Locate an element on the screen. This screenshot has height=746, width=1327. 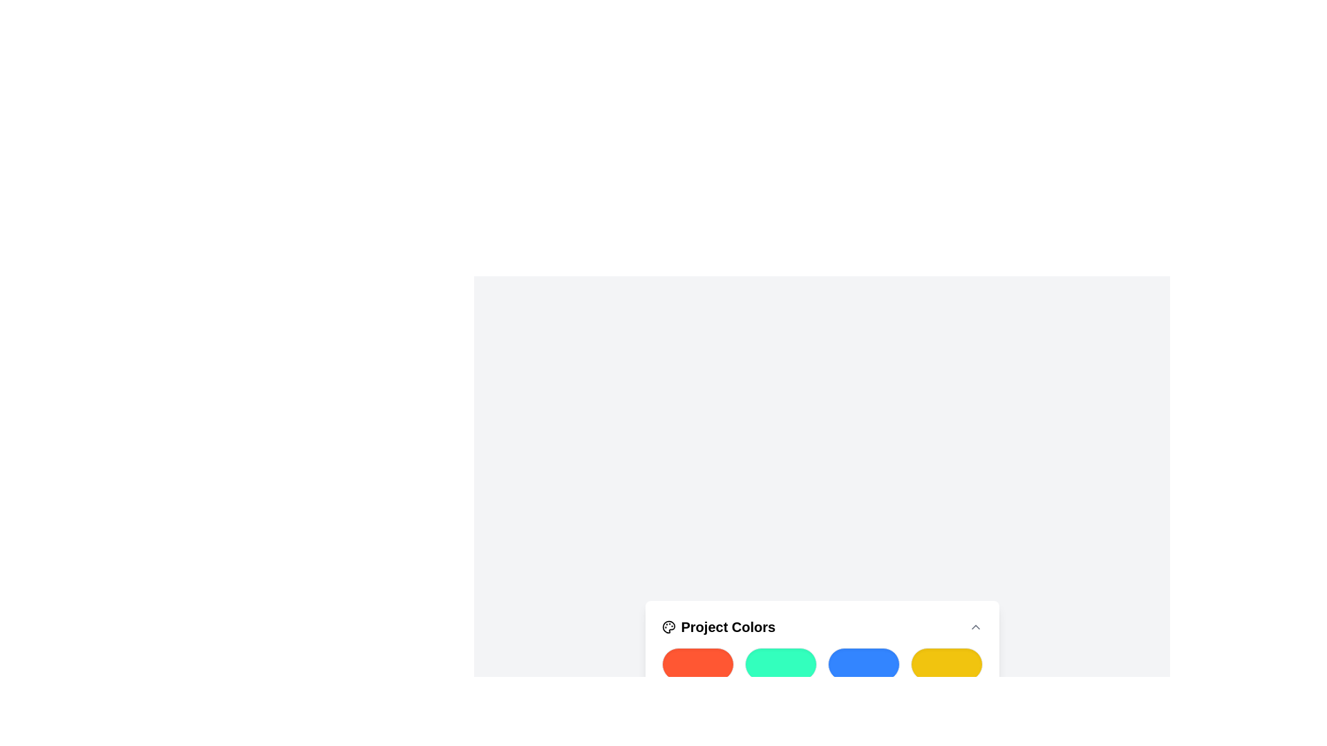
the Chevron Icon located in the upper-right corner of the 'Project Colors' section to trigger the collapsing or scrolling action is located at coordinates (975, 627).